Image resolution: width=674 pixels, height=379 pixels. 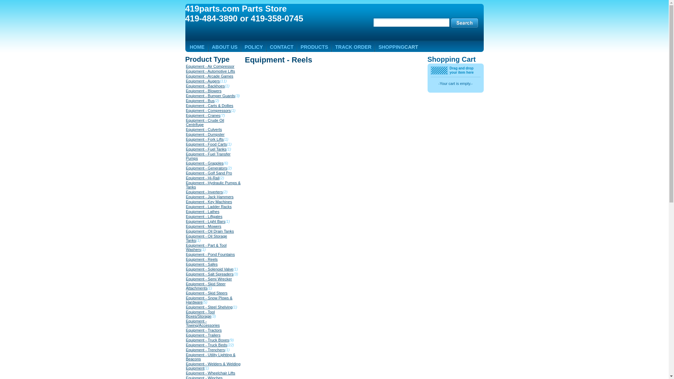 What do you see at coordinates (186, 335) in the screenshot?
I see `'Equipment - Trailers'` at bounding box center [186, 335].